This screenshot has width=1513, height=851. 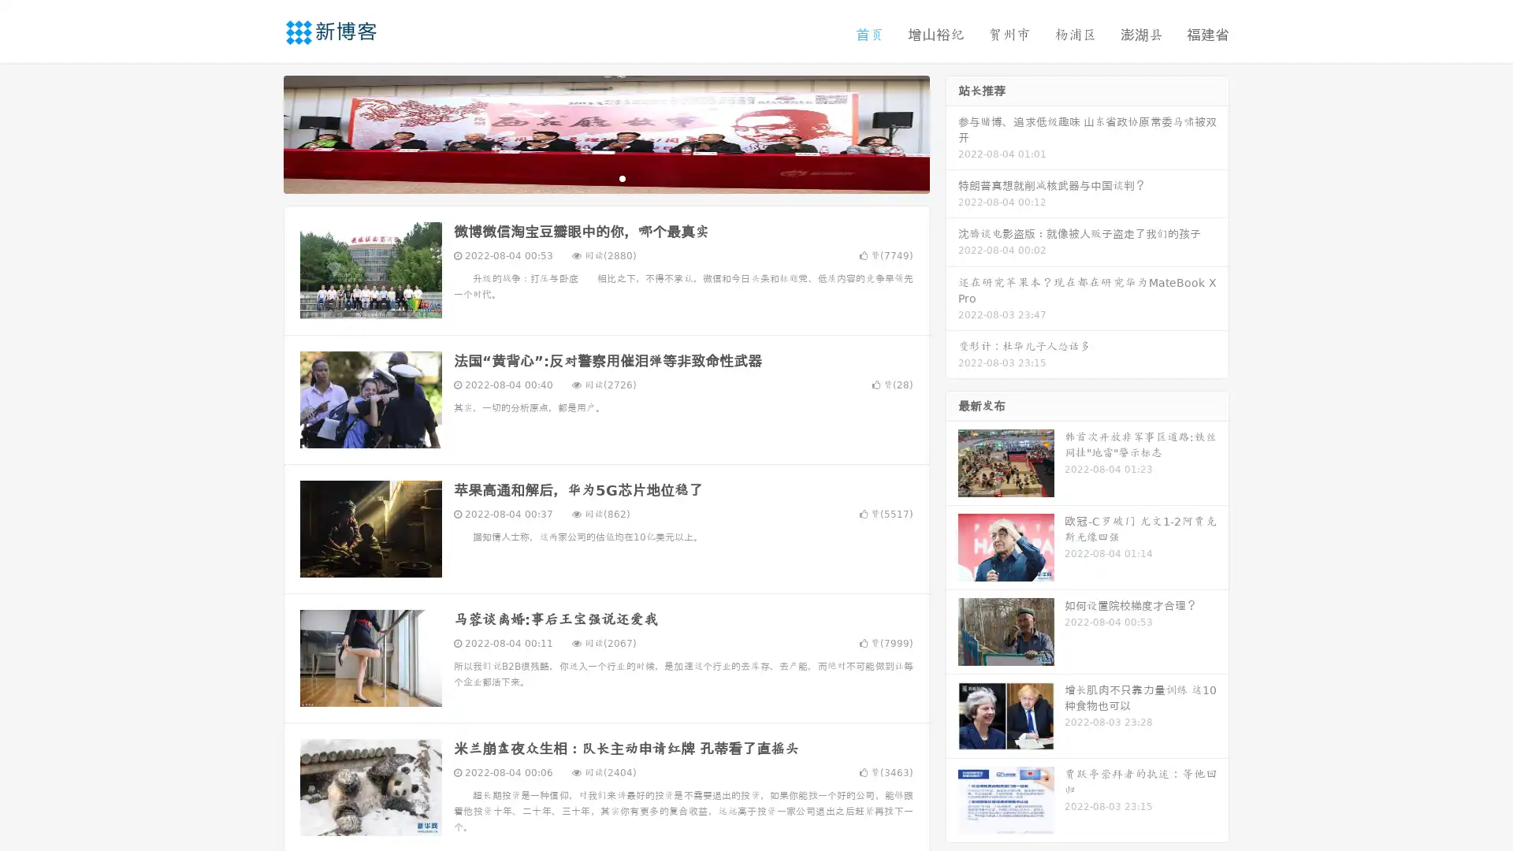 What do you see at coordinates (622, 177) in the screenshot?
I see `Go to slide 3` at bounding box center [622, 177].